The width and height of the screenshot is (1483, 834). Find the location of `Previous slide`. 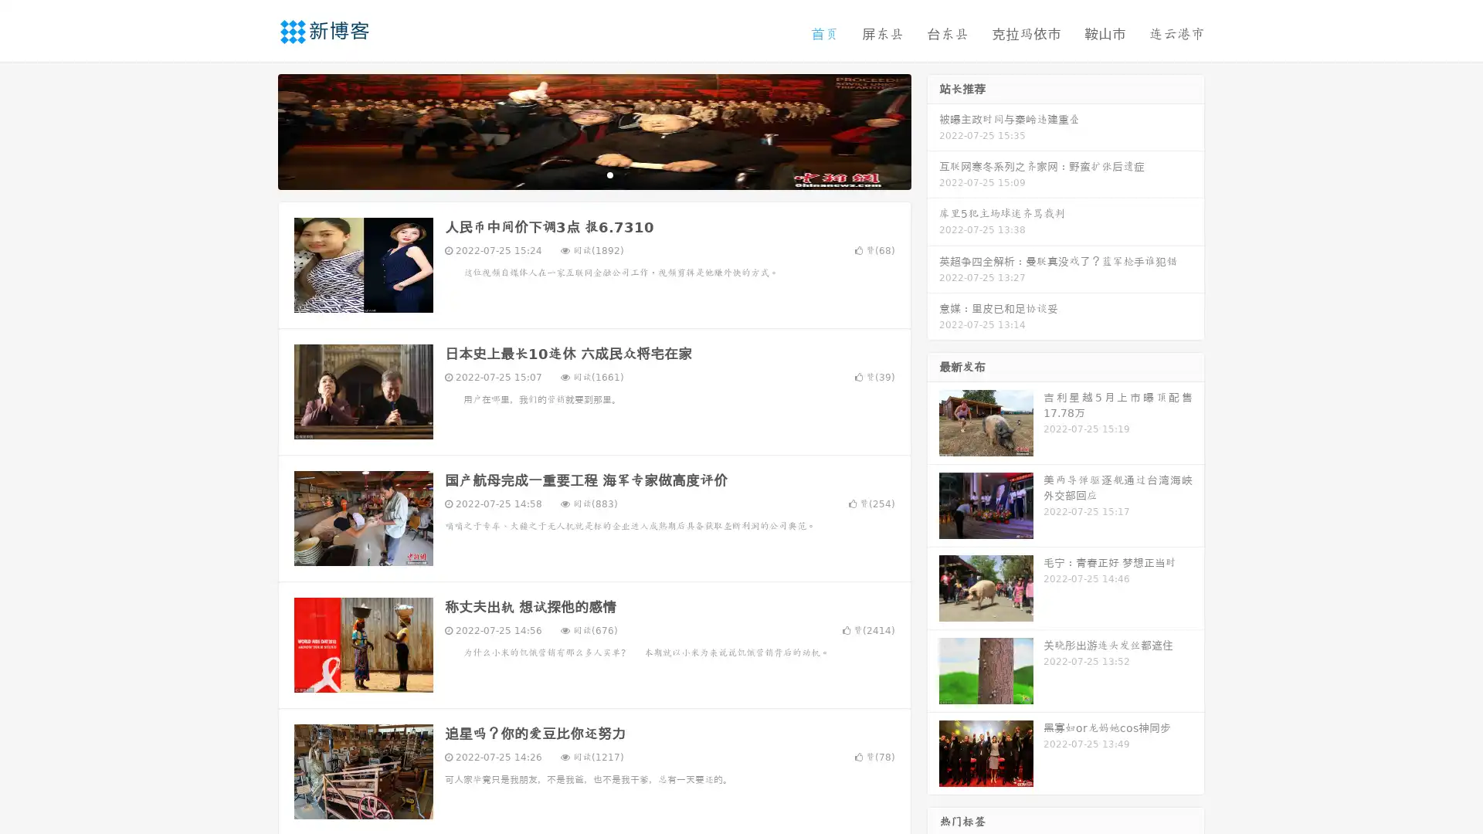

Previous slide is located at coordinates (255, 130).